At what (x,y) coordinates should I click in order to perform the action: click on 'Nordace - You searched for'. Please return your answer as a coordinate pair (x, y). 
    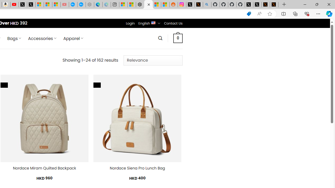
    Looking at the image, I should click on (148, 4).